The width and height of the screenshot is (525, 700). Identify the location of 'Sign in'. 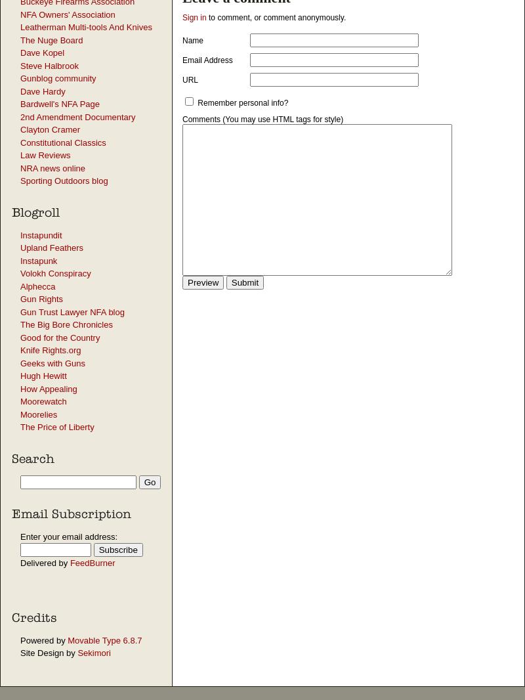
(182, 16).